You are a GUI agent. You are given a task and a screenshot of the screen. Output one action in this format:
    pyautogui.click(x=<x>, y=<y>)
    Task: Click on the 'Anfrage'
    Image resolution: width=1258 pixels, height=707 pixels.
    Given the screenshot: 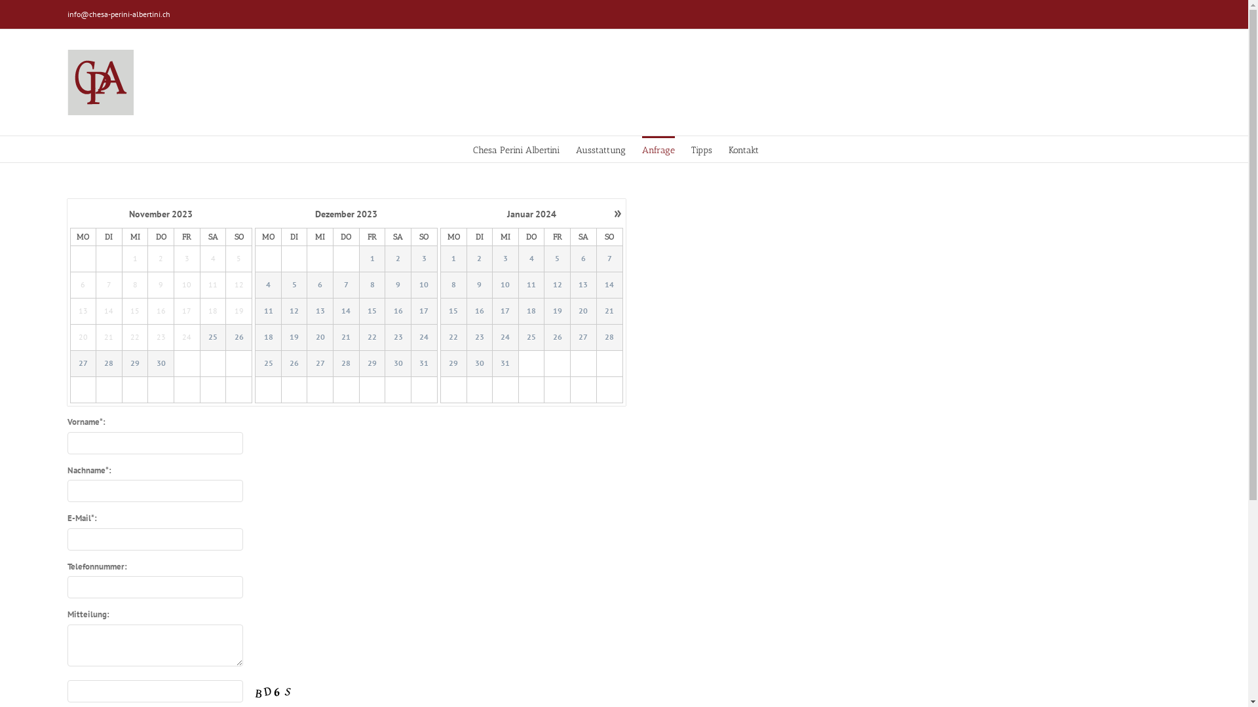 What is the action you would take?
    pyautogui.click(x=658, y=148)
    